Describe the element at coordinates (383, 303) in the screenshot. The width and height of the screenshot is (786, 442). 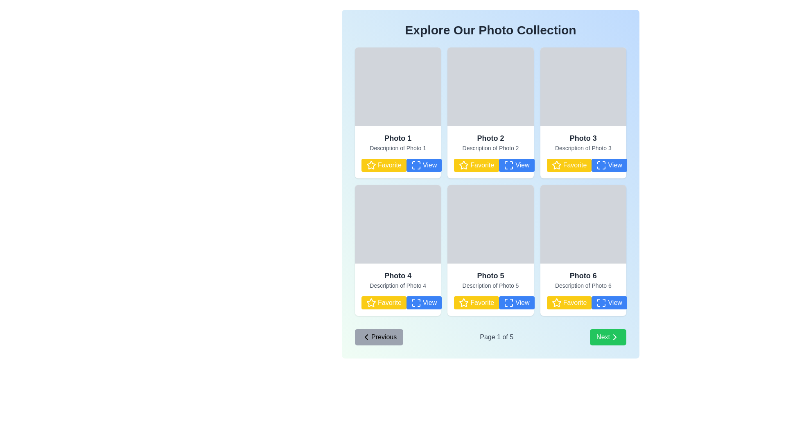
I see `the favorite button associated with Photo 4 to observe the hover effect` at that location.